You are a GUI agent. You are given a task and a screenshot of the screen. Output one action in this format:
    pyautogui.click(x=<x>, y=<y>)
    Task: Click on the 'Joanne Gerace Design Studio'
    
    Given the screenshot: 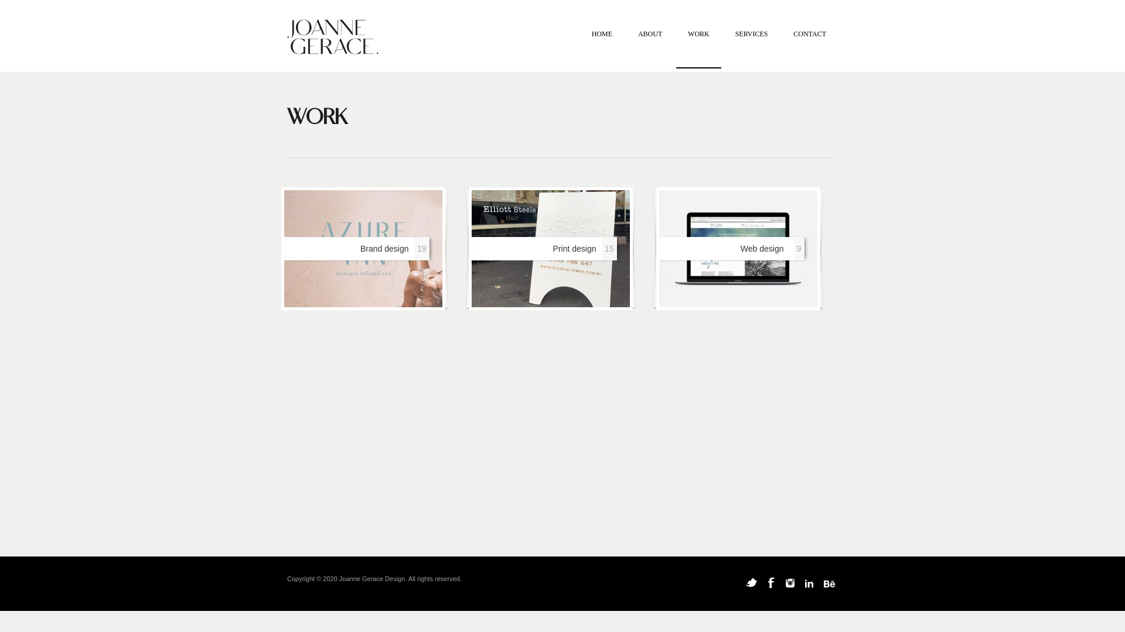 What is the action you would take?
    pyautogui.click(x=287, y=38)
    